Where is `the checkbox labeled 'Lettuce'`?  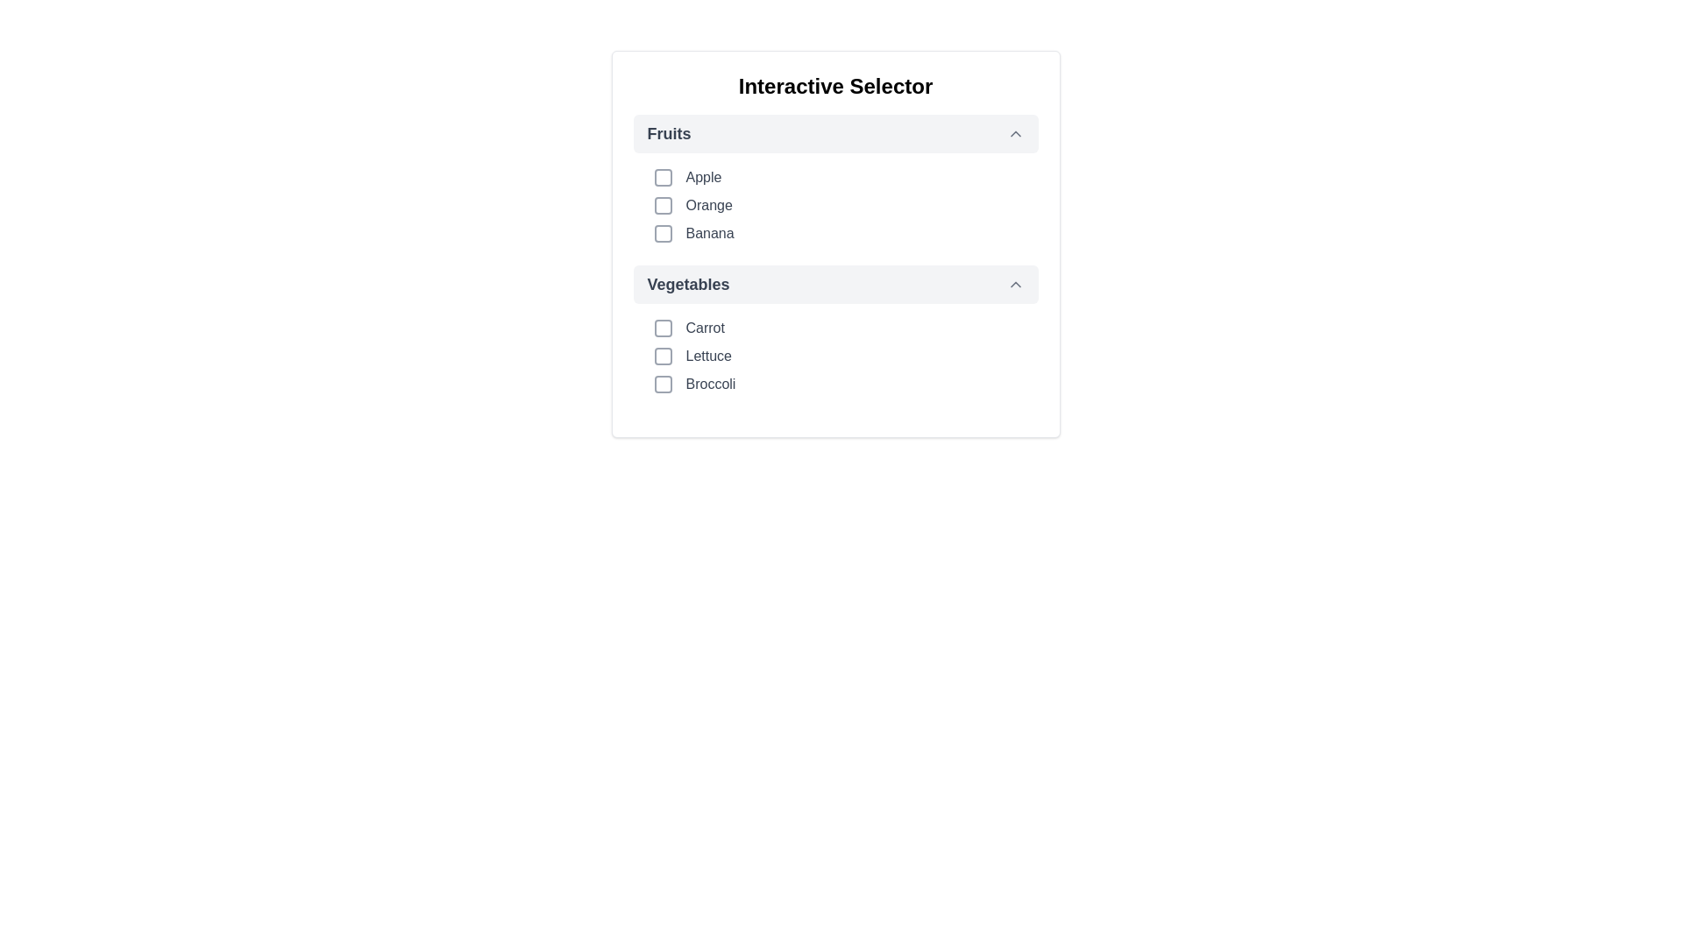 the checkbox labeled 'Lettuce' is located at coordinates (846, 356).